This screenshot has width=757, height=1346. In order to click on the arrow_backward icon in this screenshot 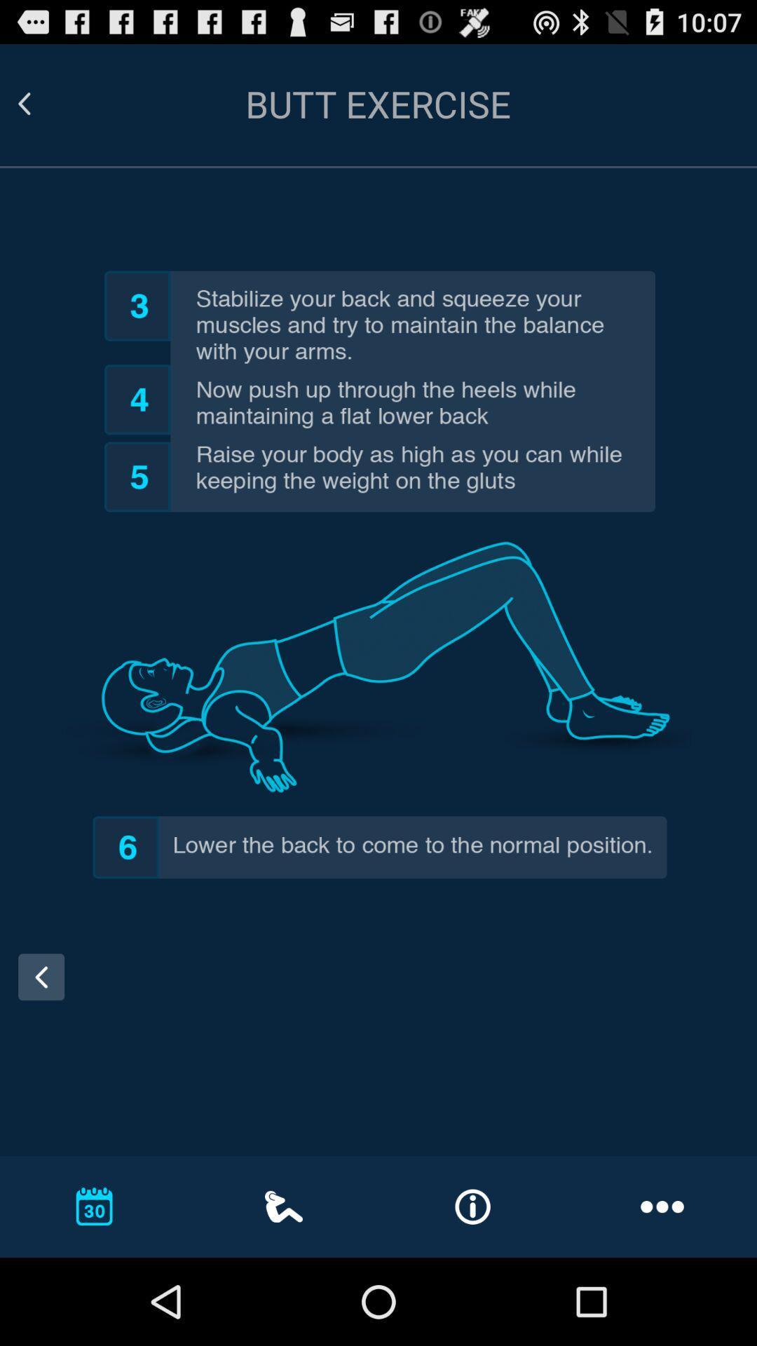, I will do `click(41, 1045)`.